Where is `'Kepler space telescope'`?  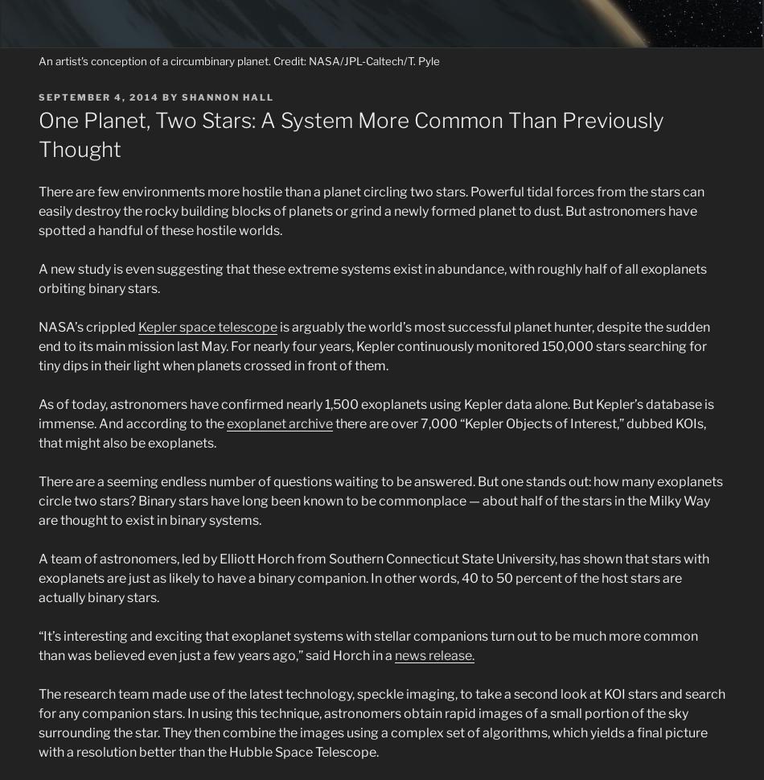
'Kepler space telescope' is located at coordinates (207, 326).